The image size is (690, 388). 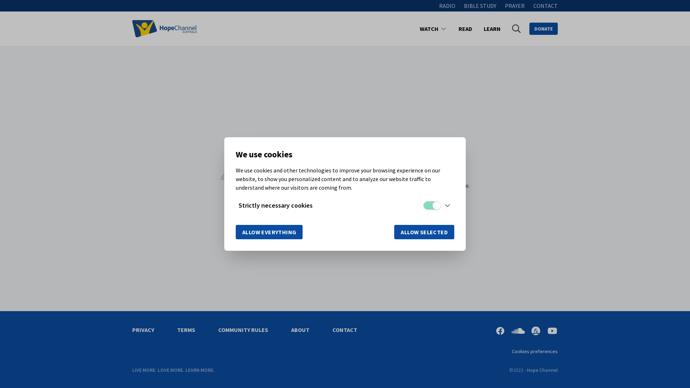 What do you see at coordinates (143, 330) in the screenshot?
I see `'PRIVACY'` at bounding box center [143, 330].